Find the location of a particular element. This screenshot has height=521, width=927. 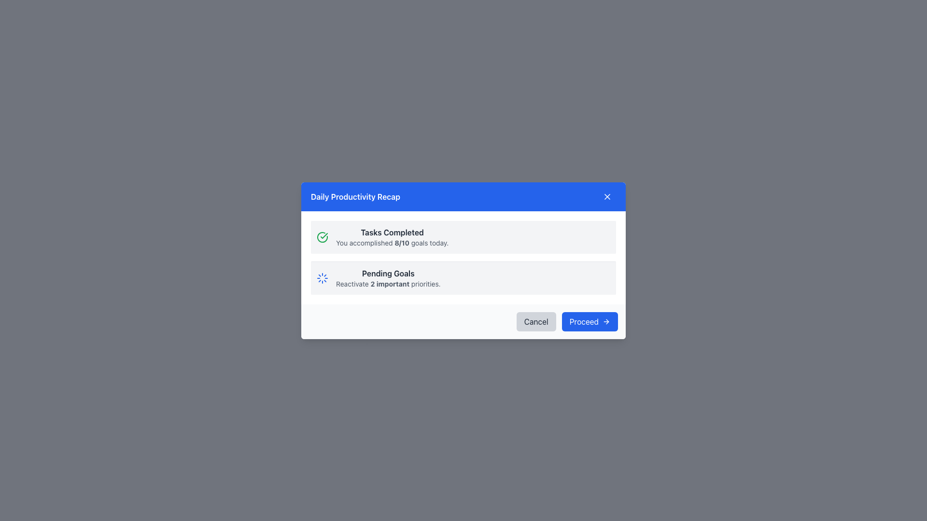

the circular icon styled with a blue outline that represents a loading spinner, located to the left of the 'Pending Goals' text is located at coordinates (322, 277).